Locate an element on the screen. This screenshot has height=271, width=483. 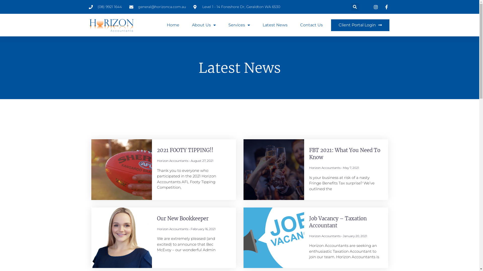
'Home' is located at coordinates (173, 25).